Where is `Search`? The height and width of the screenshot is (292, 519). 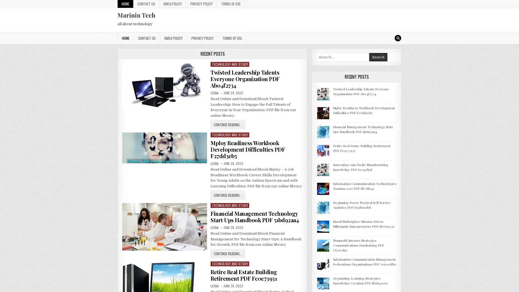
Search is located at coordinates (378, 57).